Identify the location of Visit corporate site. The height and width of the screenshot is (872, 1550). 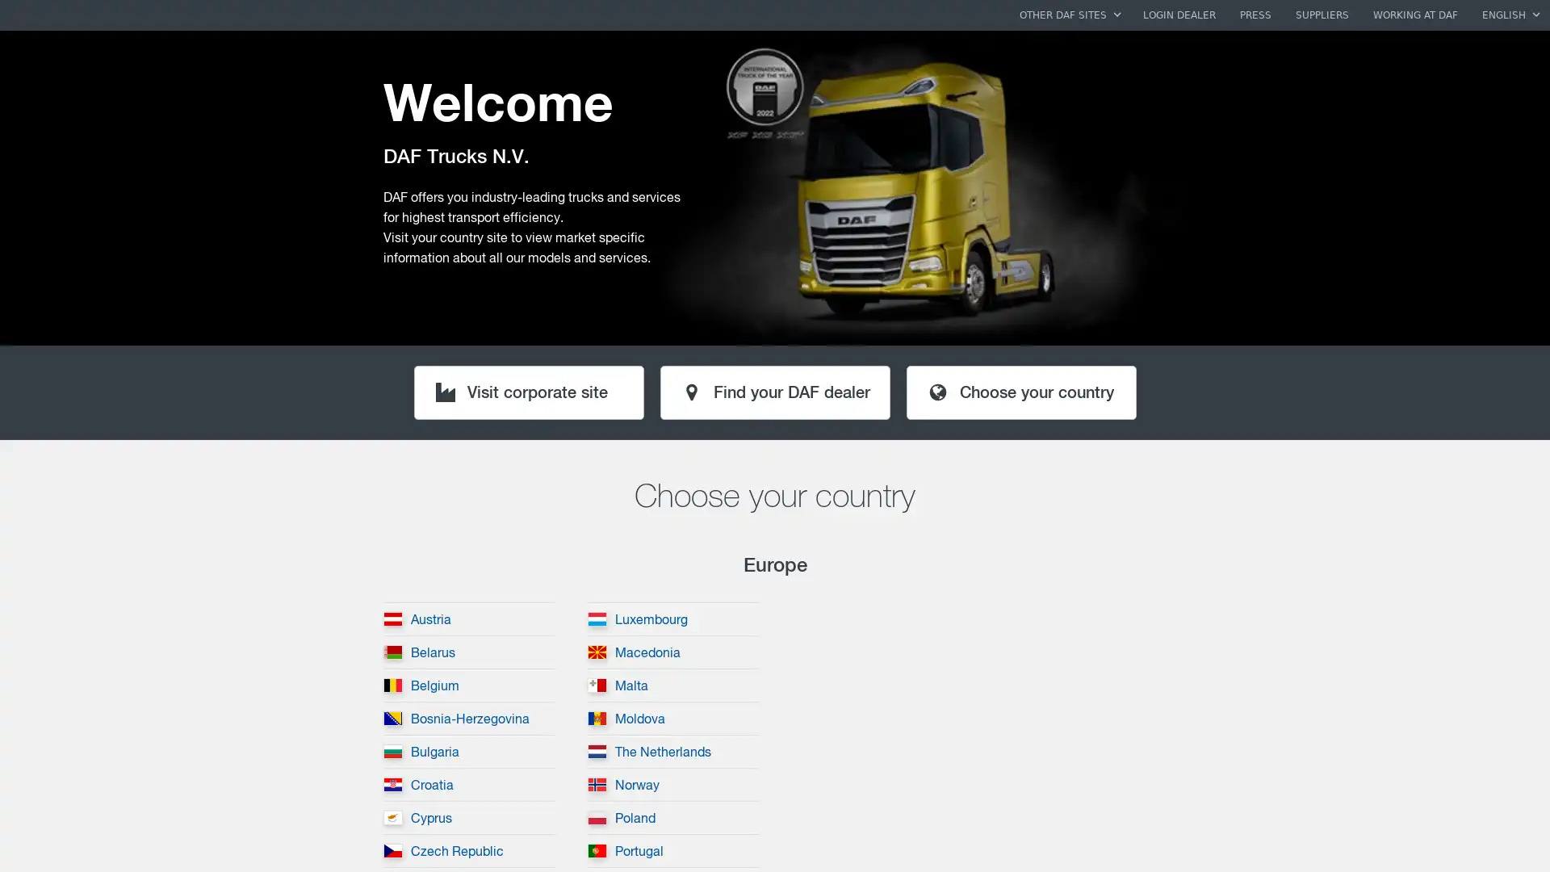
(528, 392).